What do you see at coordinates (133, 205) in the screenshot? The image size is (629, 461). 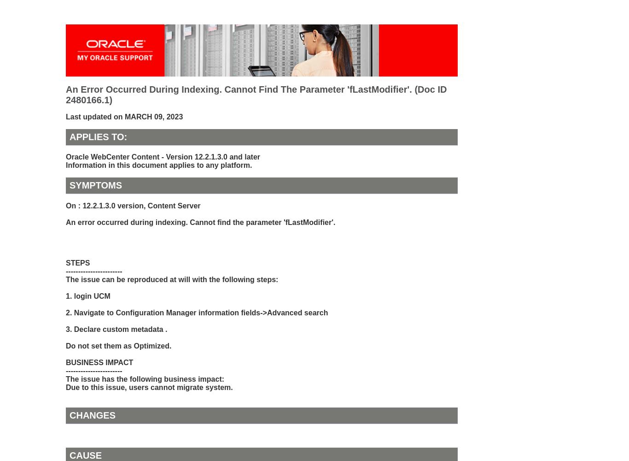 I see `'On : 12.2.1.3.0 version, Content Server'` at bounding box center [133, 205].